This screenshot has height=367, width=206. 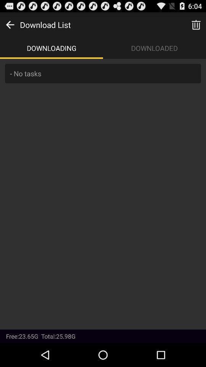 I want to click on back, so click(x=10, y=24).